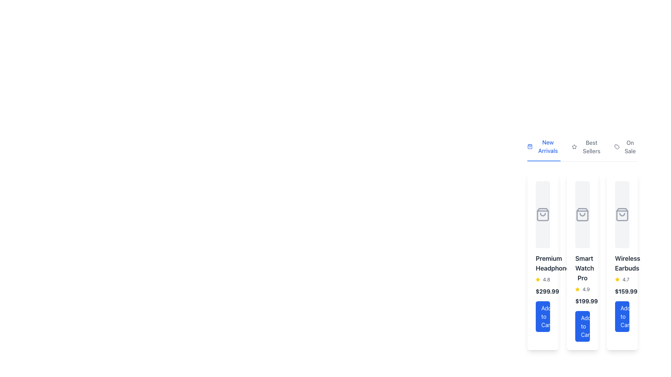 Image resolution: width=671 pixels, height=377 pixels. What do you see at coordinates (577, 289) in the screenshot?
I see `the yellow five-pointed star icon located next to the text label '4.9' in the second product card of the horizontal product list` at bounding box center [577, 289].